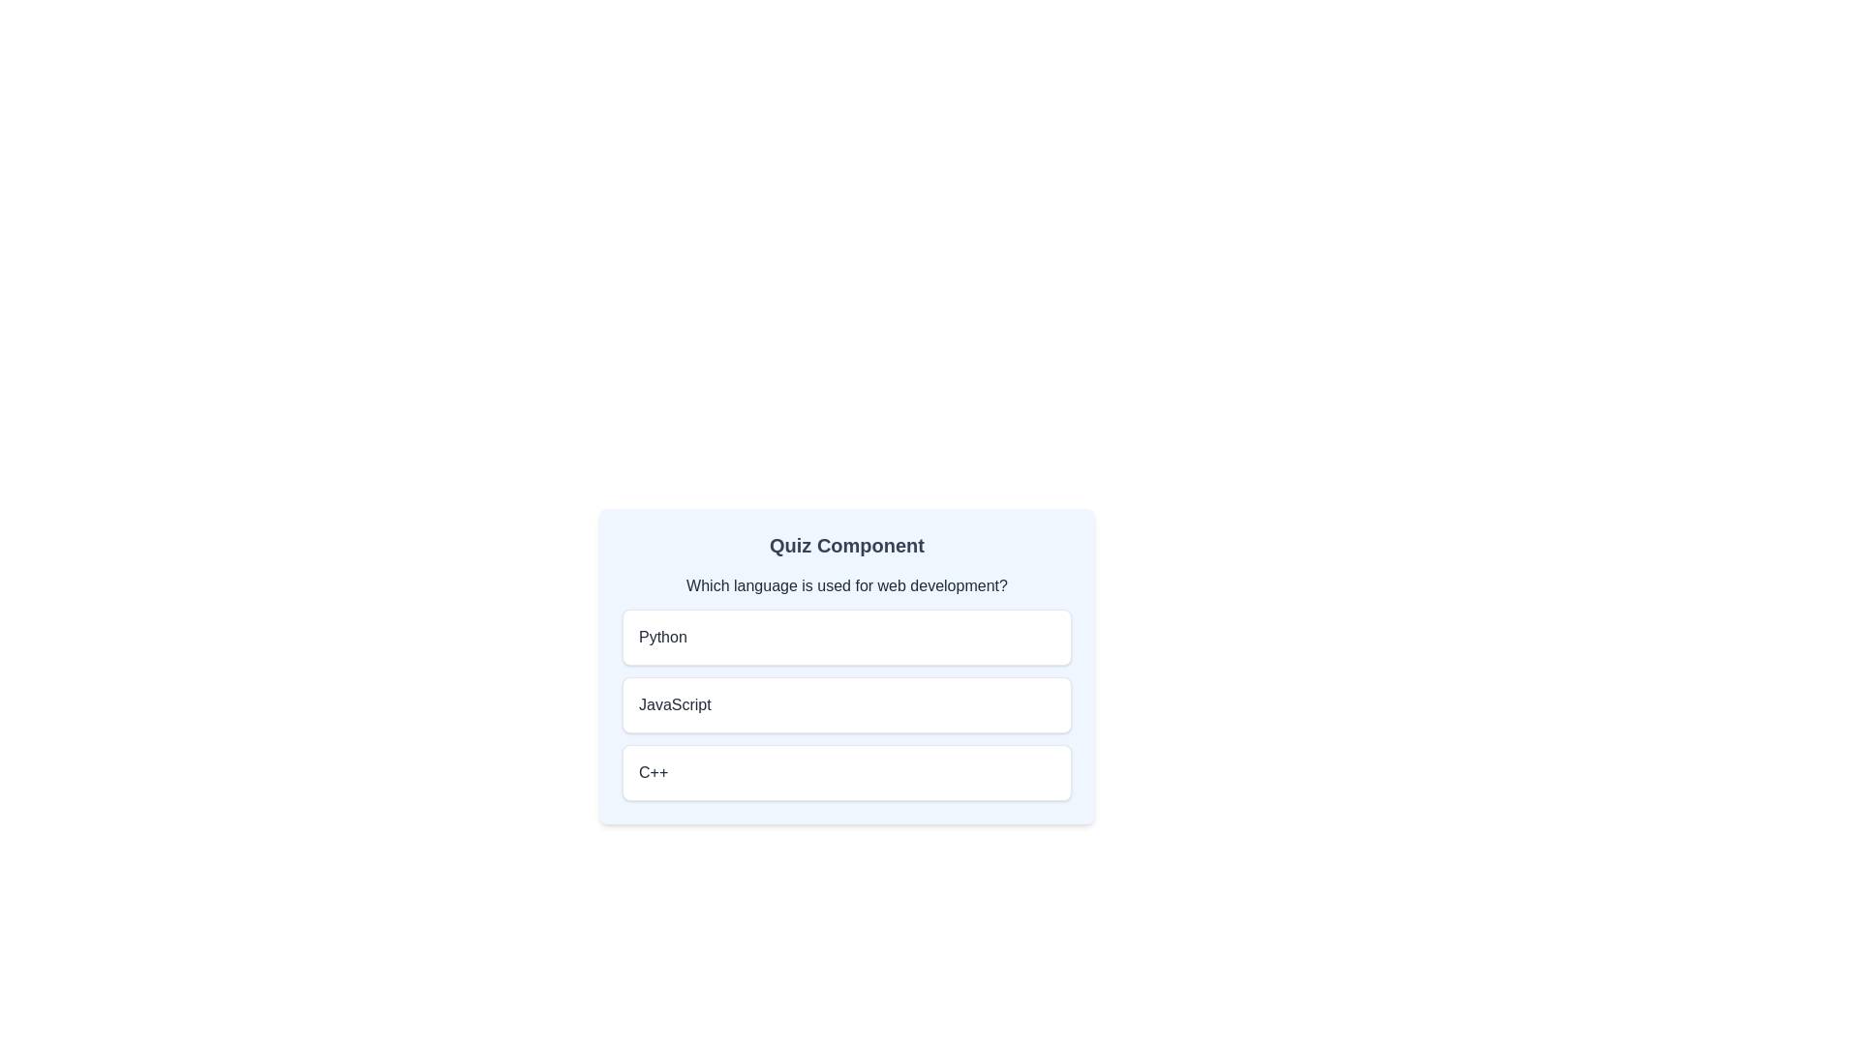  Describe the element at coordinates (846, 771) in the screenshot. I see `the answer option labeled C++` at that location.